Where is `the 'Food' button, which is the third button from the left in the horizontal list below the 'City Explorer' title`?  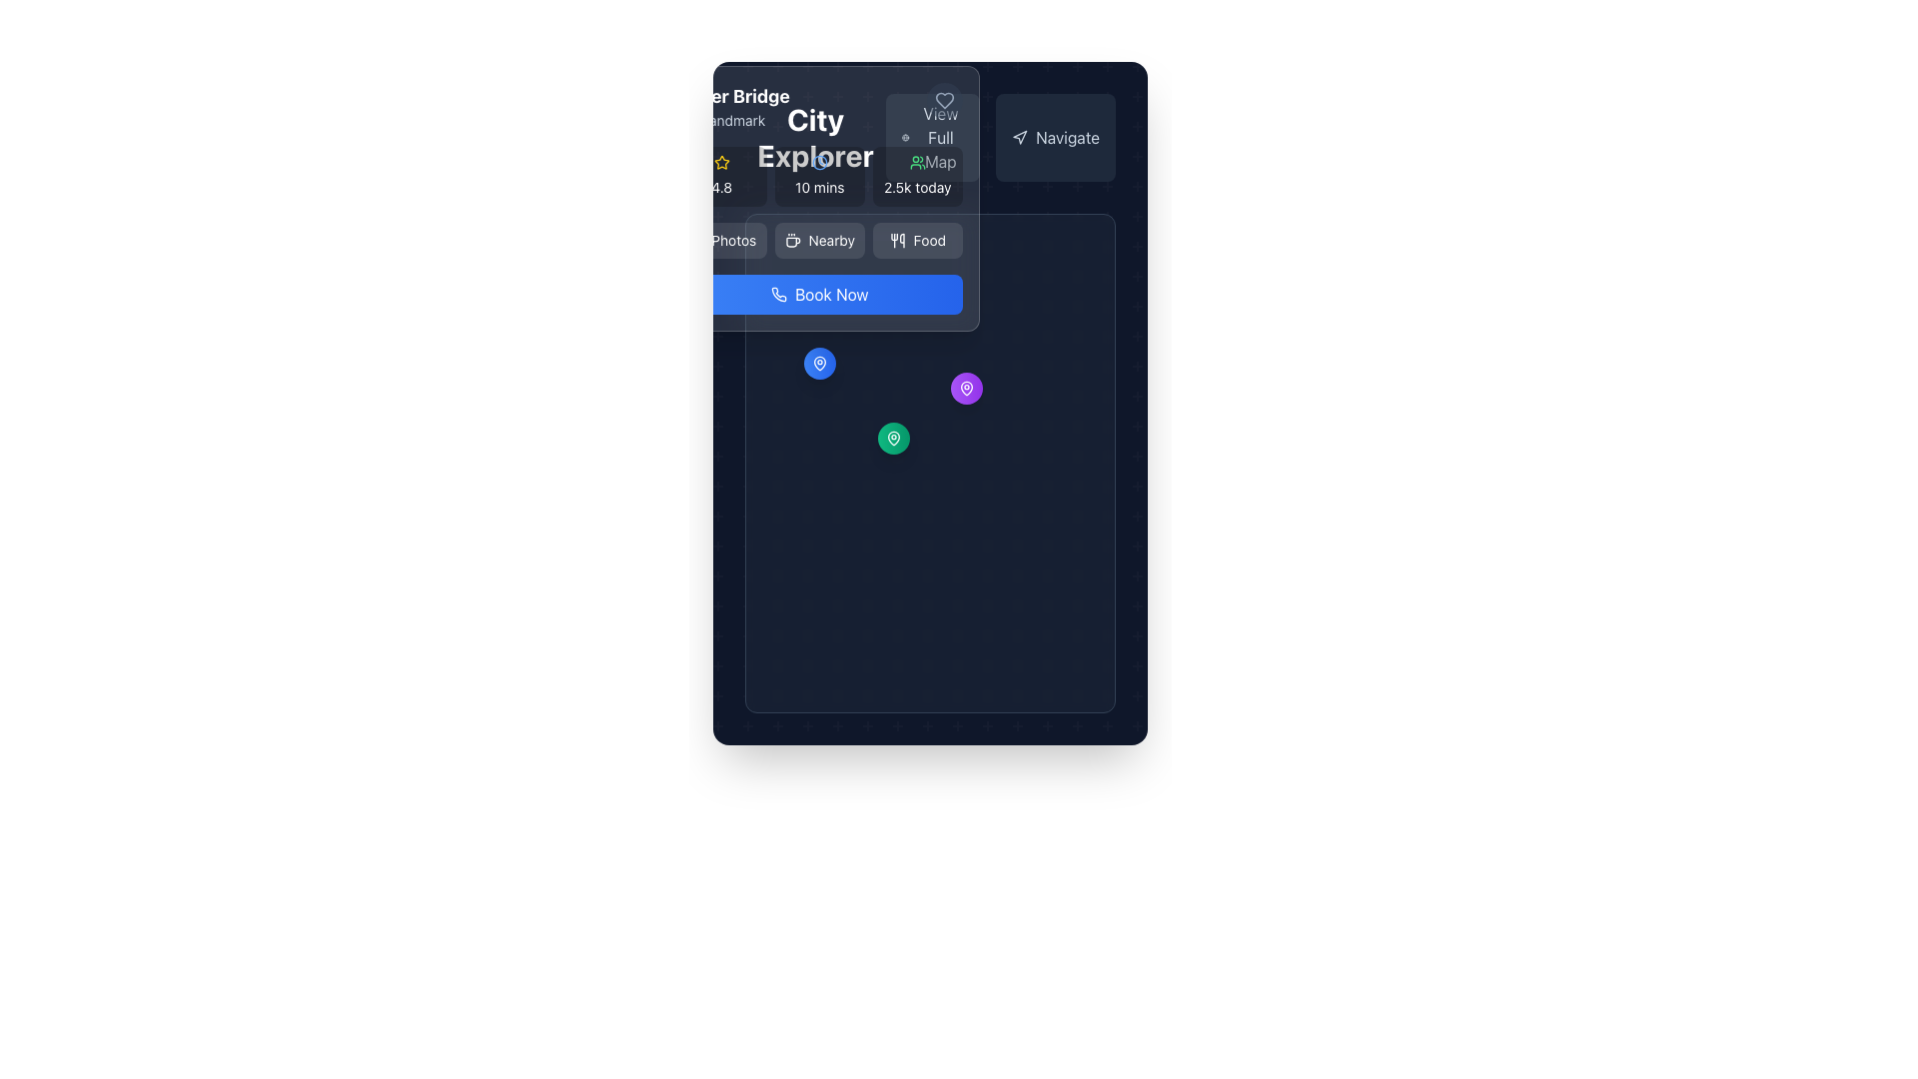
the 'Food' button, which is the third button from the left in the horizontal list below the 'City Explorer' title is located at coordinates (896, 240).